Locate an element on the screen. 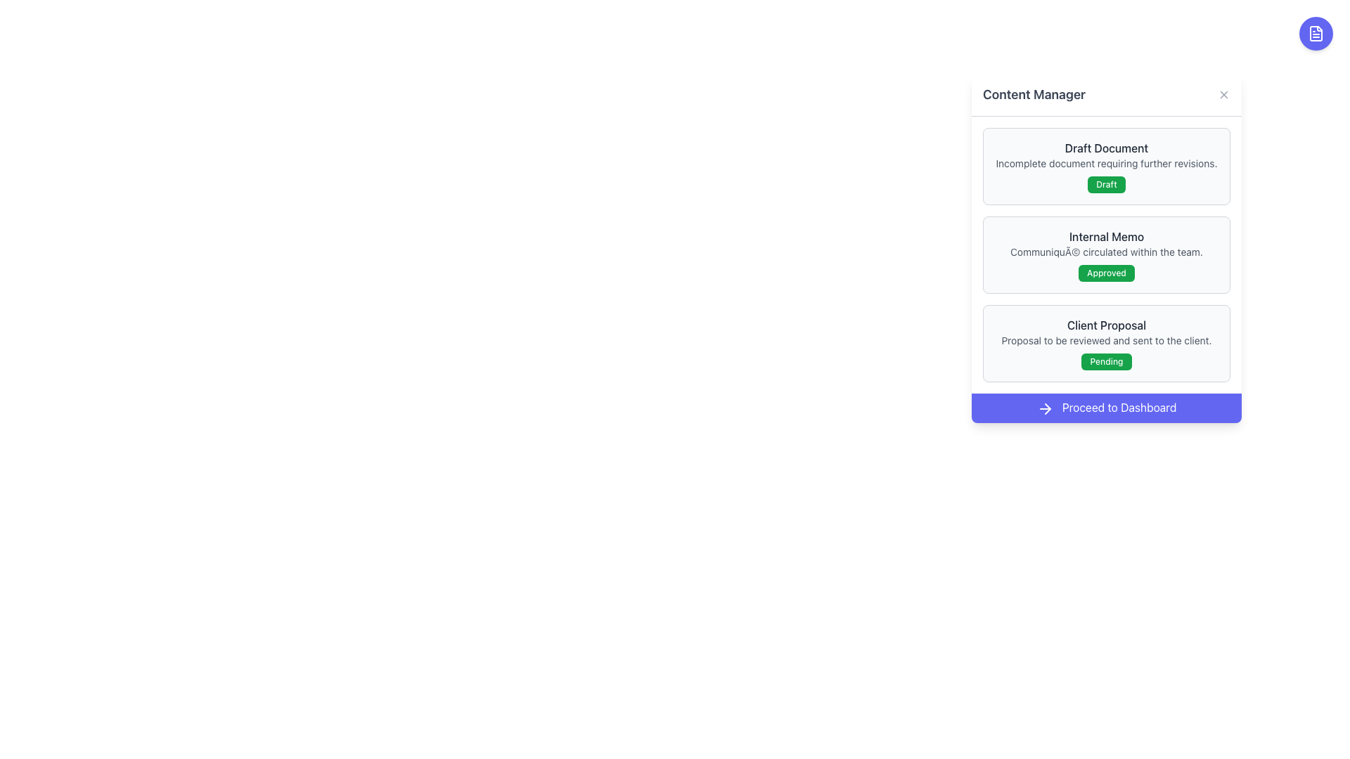 The height and width of the screenshot is (759, 1350). the small 'X' icon button located to the right of the 'Content Manager' text, which changes color on hover is located at coordinates (1223, 95).